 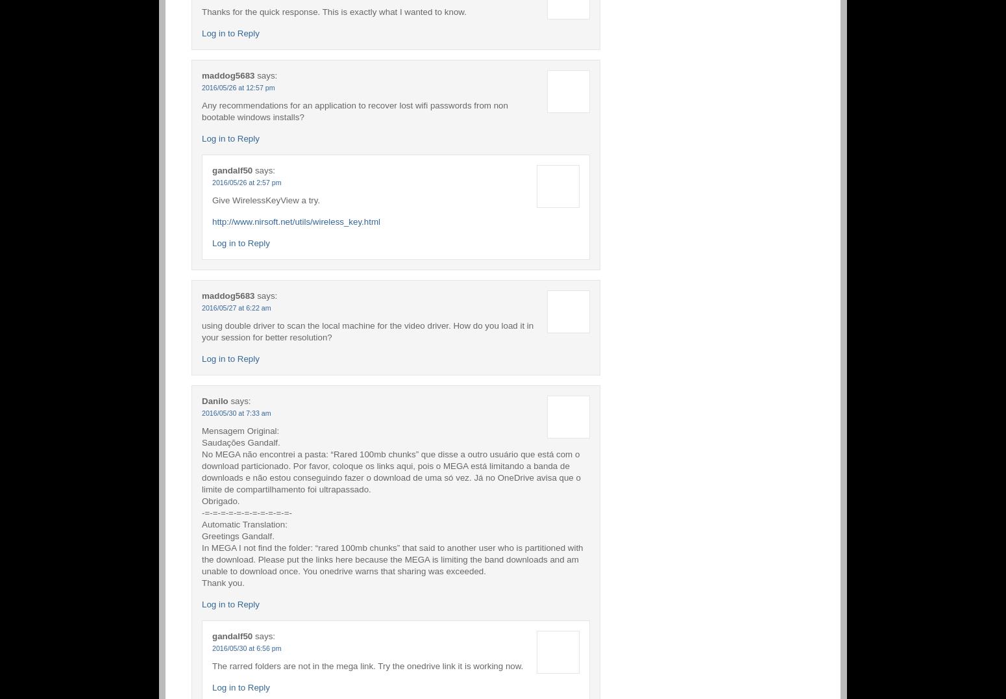 I want to click on 'Obrigado.', so click(x=220, y=500).